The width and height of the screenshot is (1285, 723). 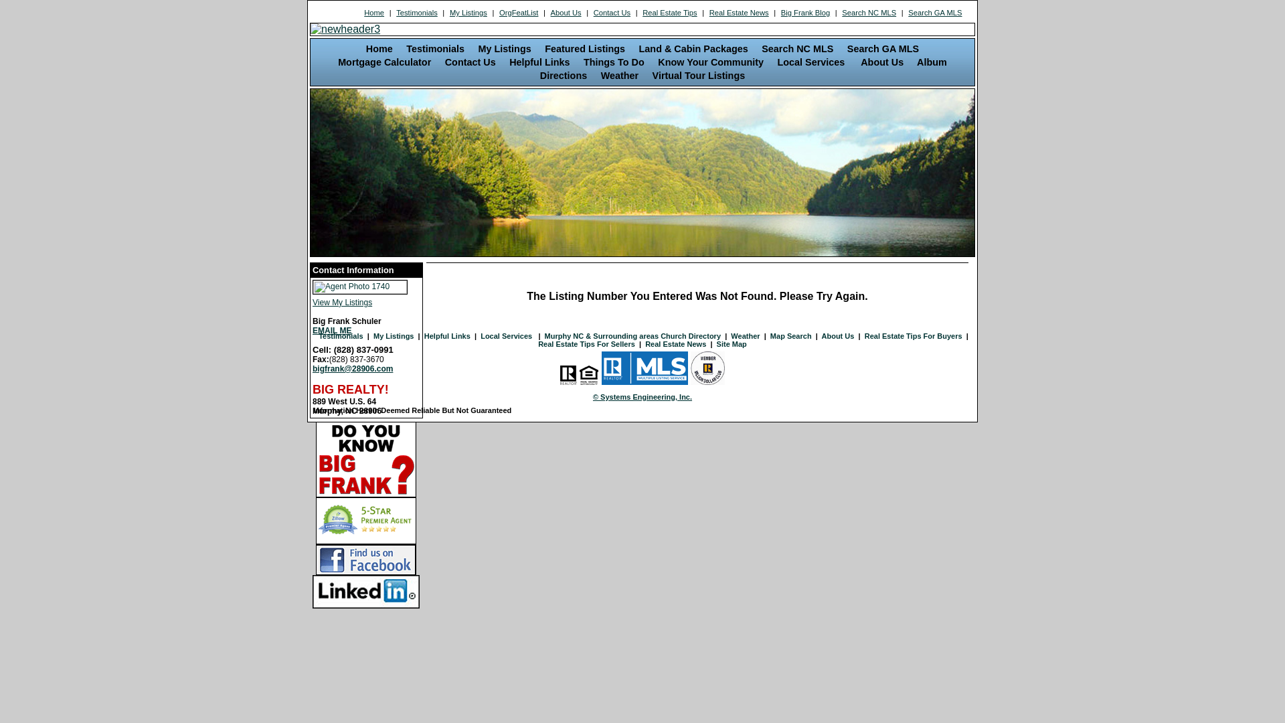 What do you see at coordinates (311, 369) in the screenshot?
I see `'bigfrank@28906.com'` at bounding box center [311, 369].